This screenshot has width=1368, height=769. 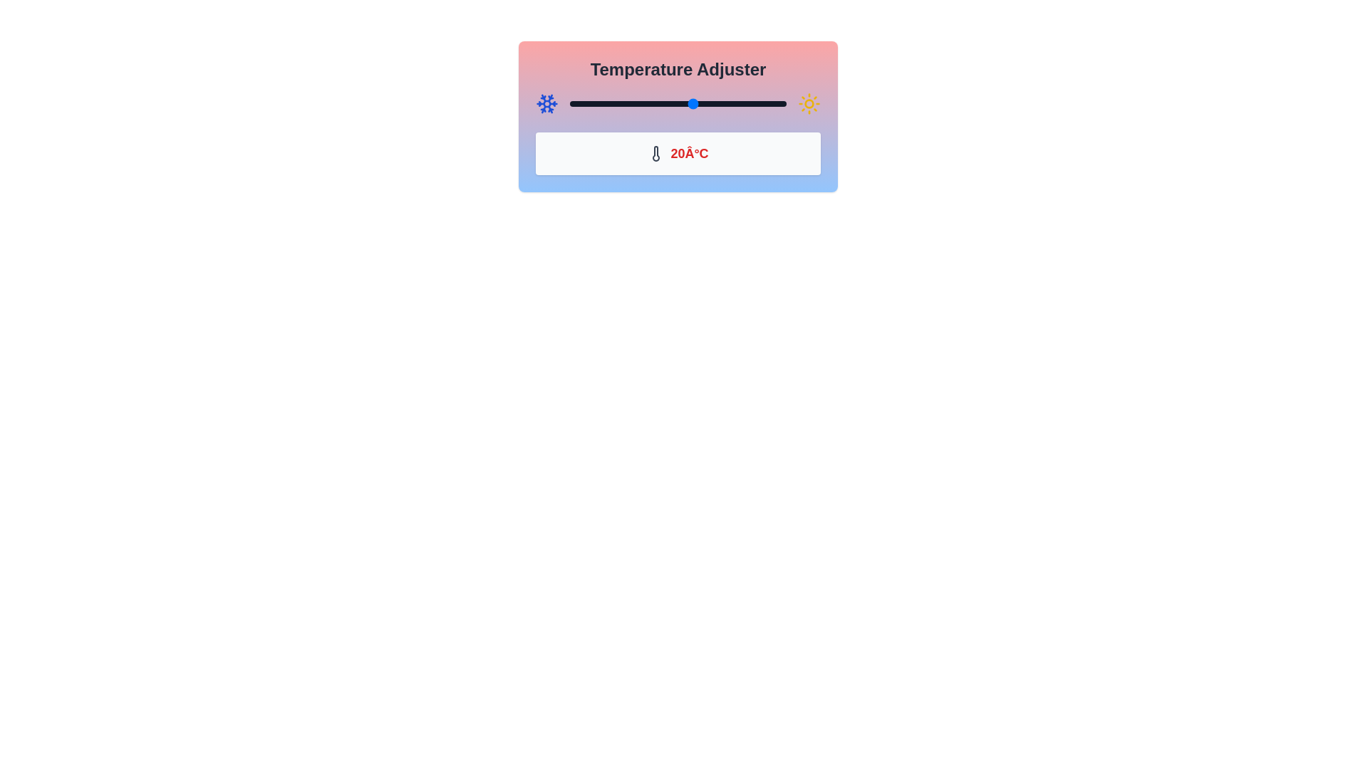 What do you see at coordinates (598, 103) in the screenshot?
I see `the temperature to -11°C using the slider` at bounding box center [598, 103].